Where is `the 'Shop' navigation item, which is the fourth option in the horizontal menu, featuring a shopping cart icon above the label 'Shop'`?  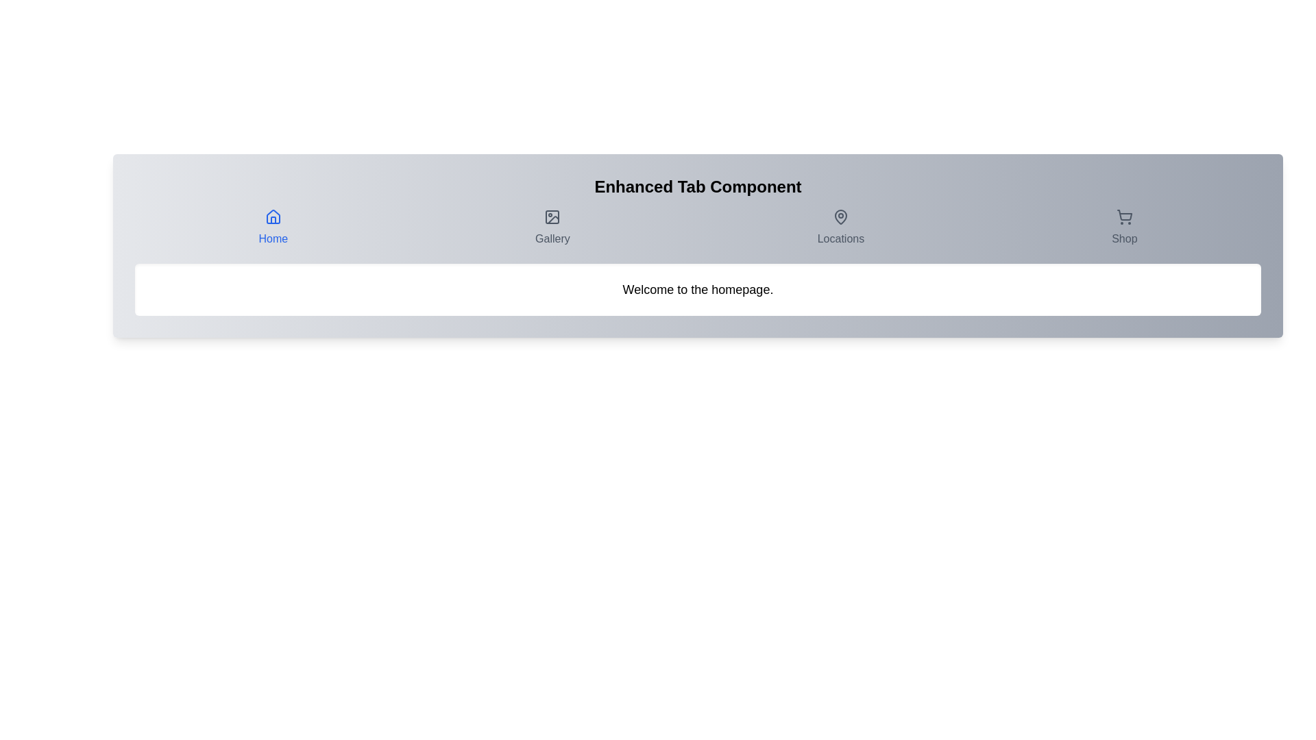
the 'Shop' navigation item, which is the fourth option in the horizontal menu, featuring a shopping cart icon above the label 'Shop' is located at coordinates (1124, 227).